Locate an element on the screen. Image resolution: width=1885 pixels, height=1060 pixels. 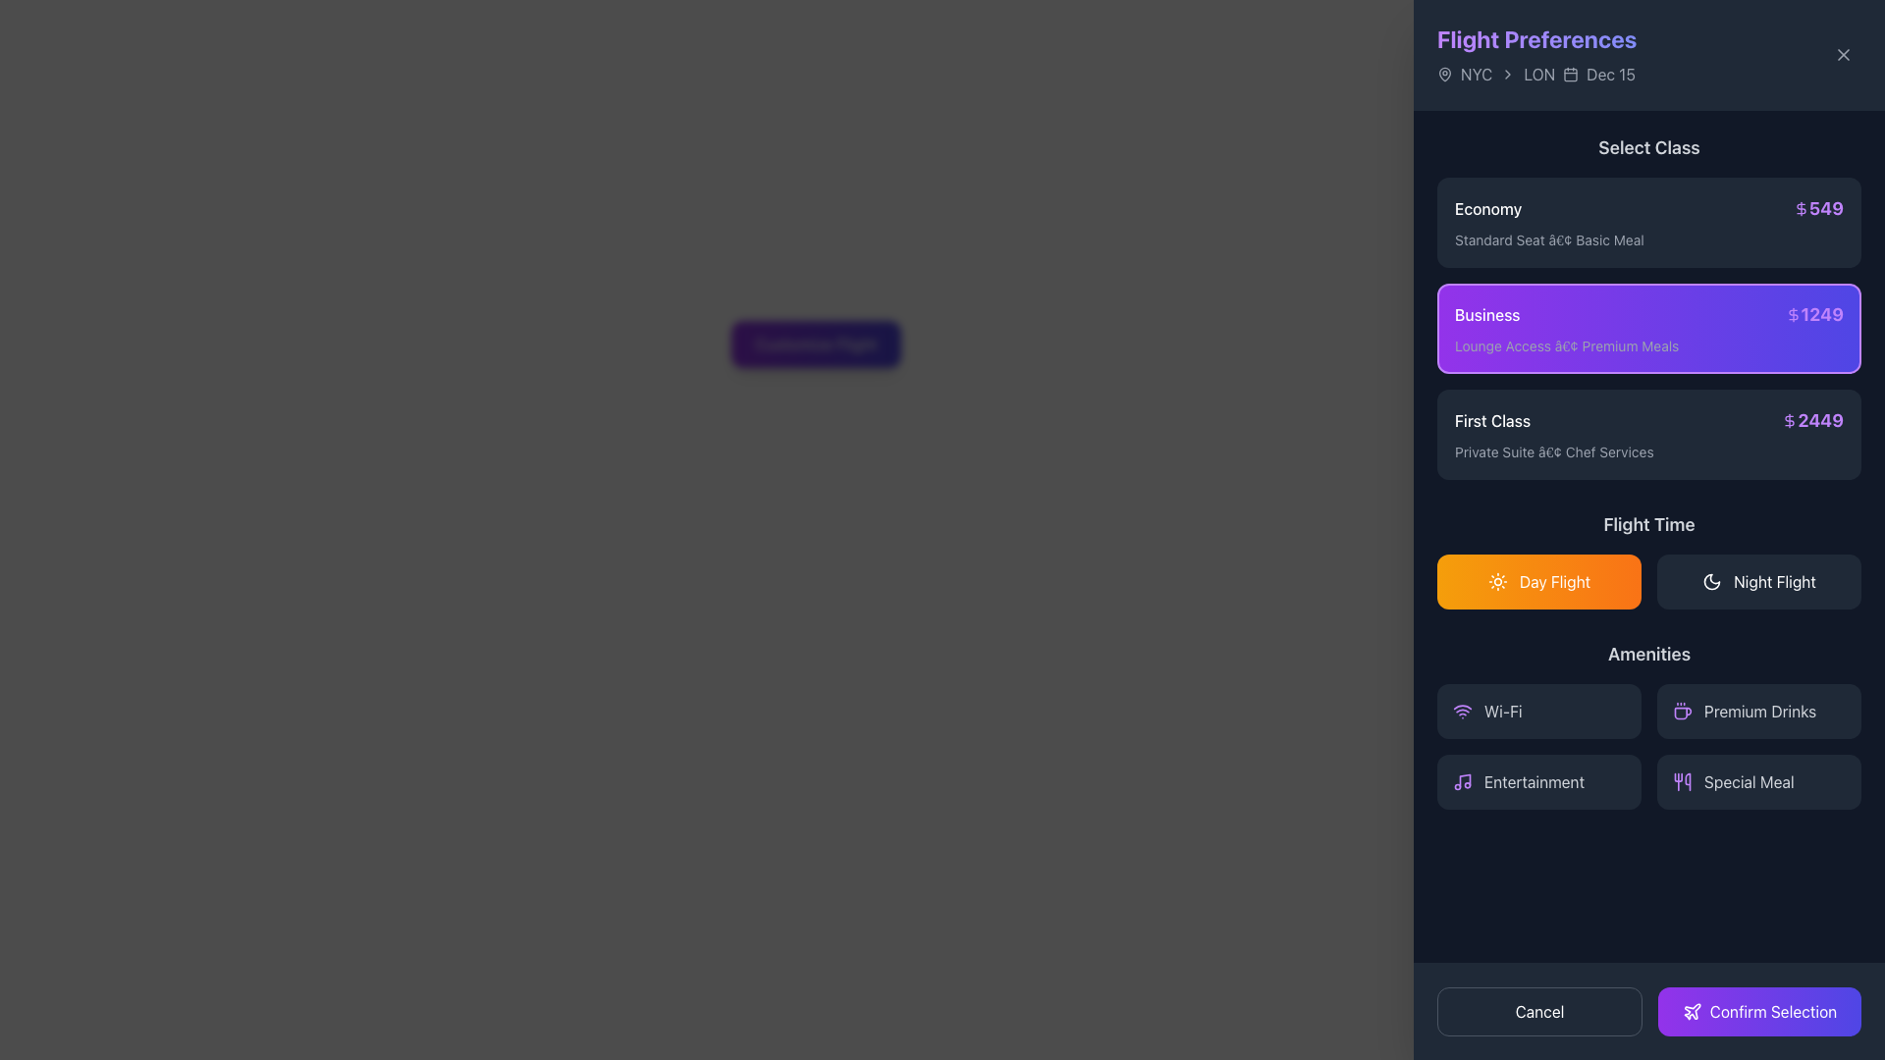
the second arc of the purple Wi-Fi icon in the 'Amenities' section of the right-hand column is located at coordinates (1462, 707).